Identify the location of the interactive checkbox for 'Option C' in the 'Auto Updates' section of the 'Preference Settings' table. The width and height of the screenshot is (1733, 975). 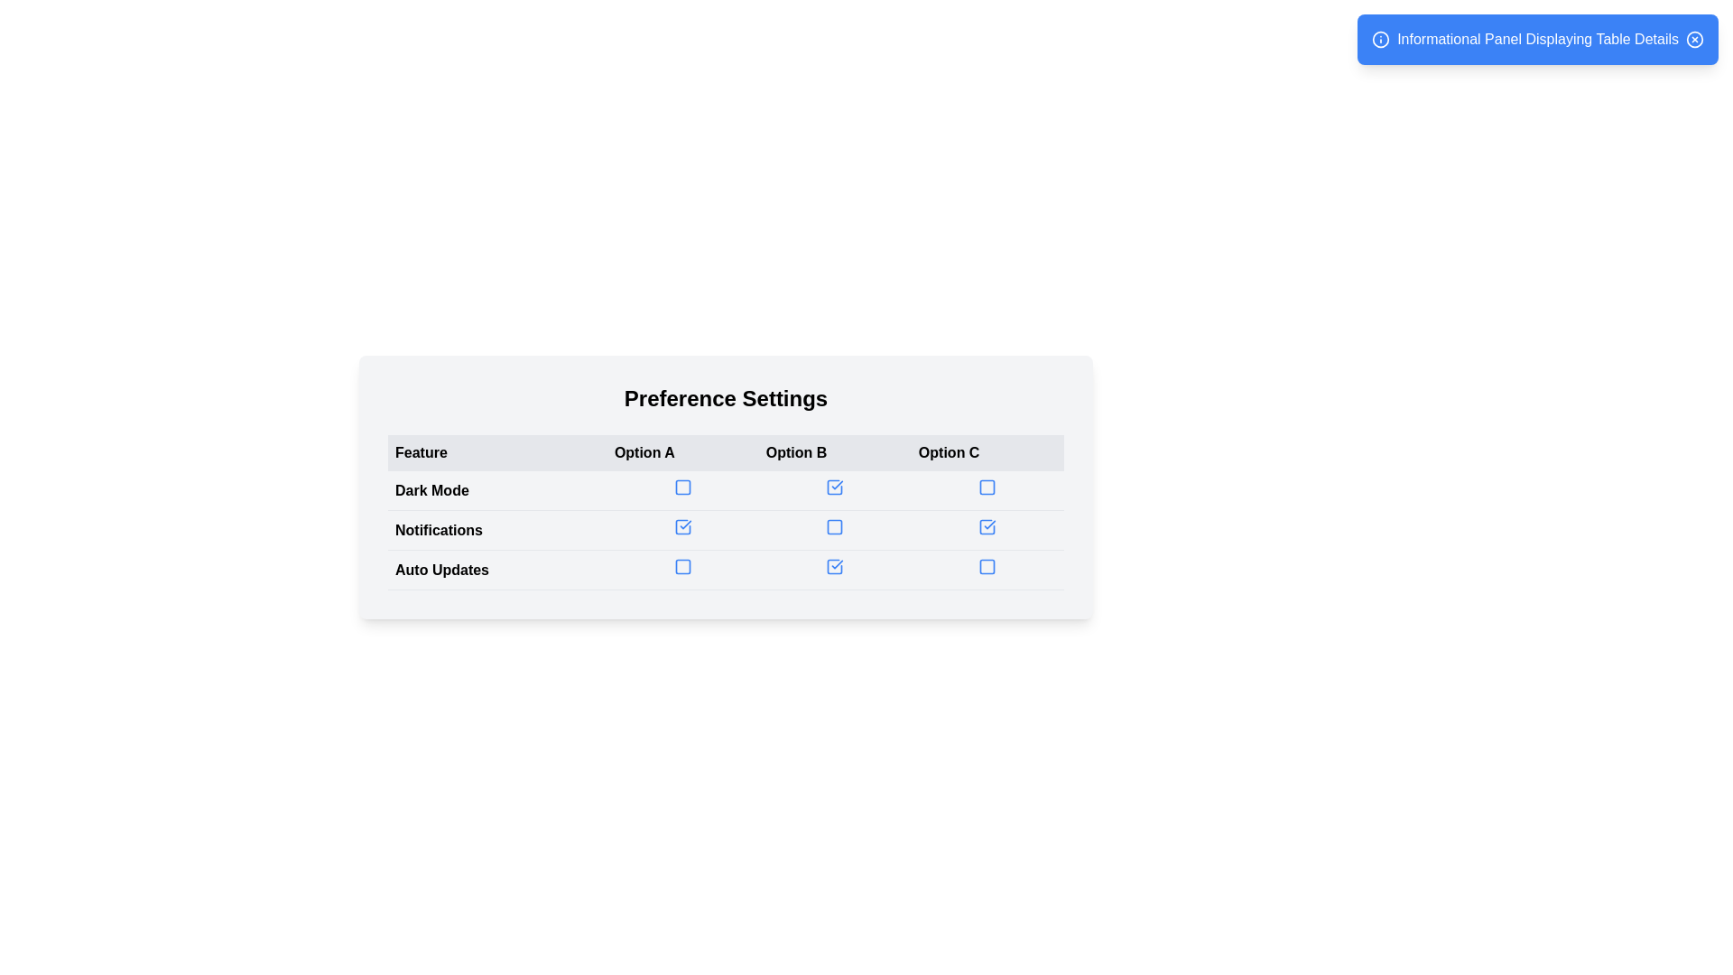
(834, 566).